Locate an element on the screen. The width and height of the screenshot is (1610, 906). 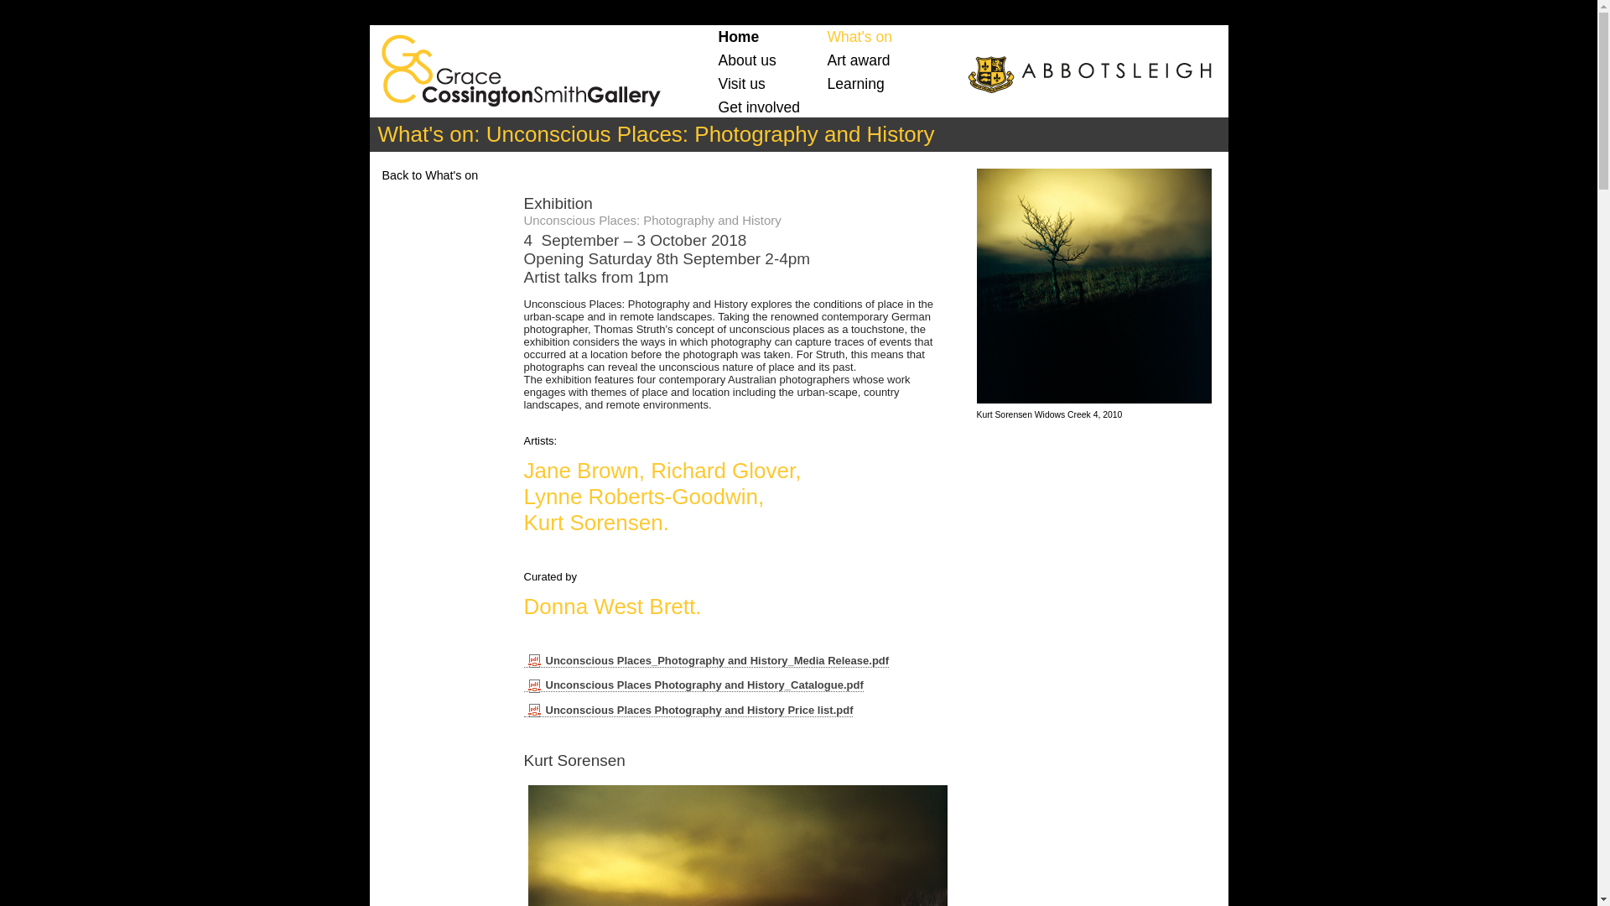
'Learning' is located at coordinates (856, 84).